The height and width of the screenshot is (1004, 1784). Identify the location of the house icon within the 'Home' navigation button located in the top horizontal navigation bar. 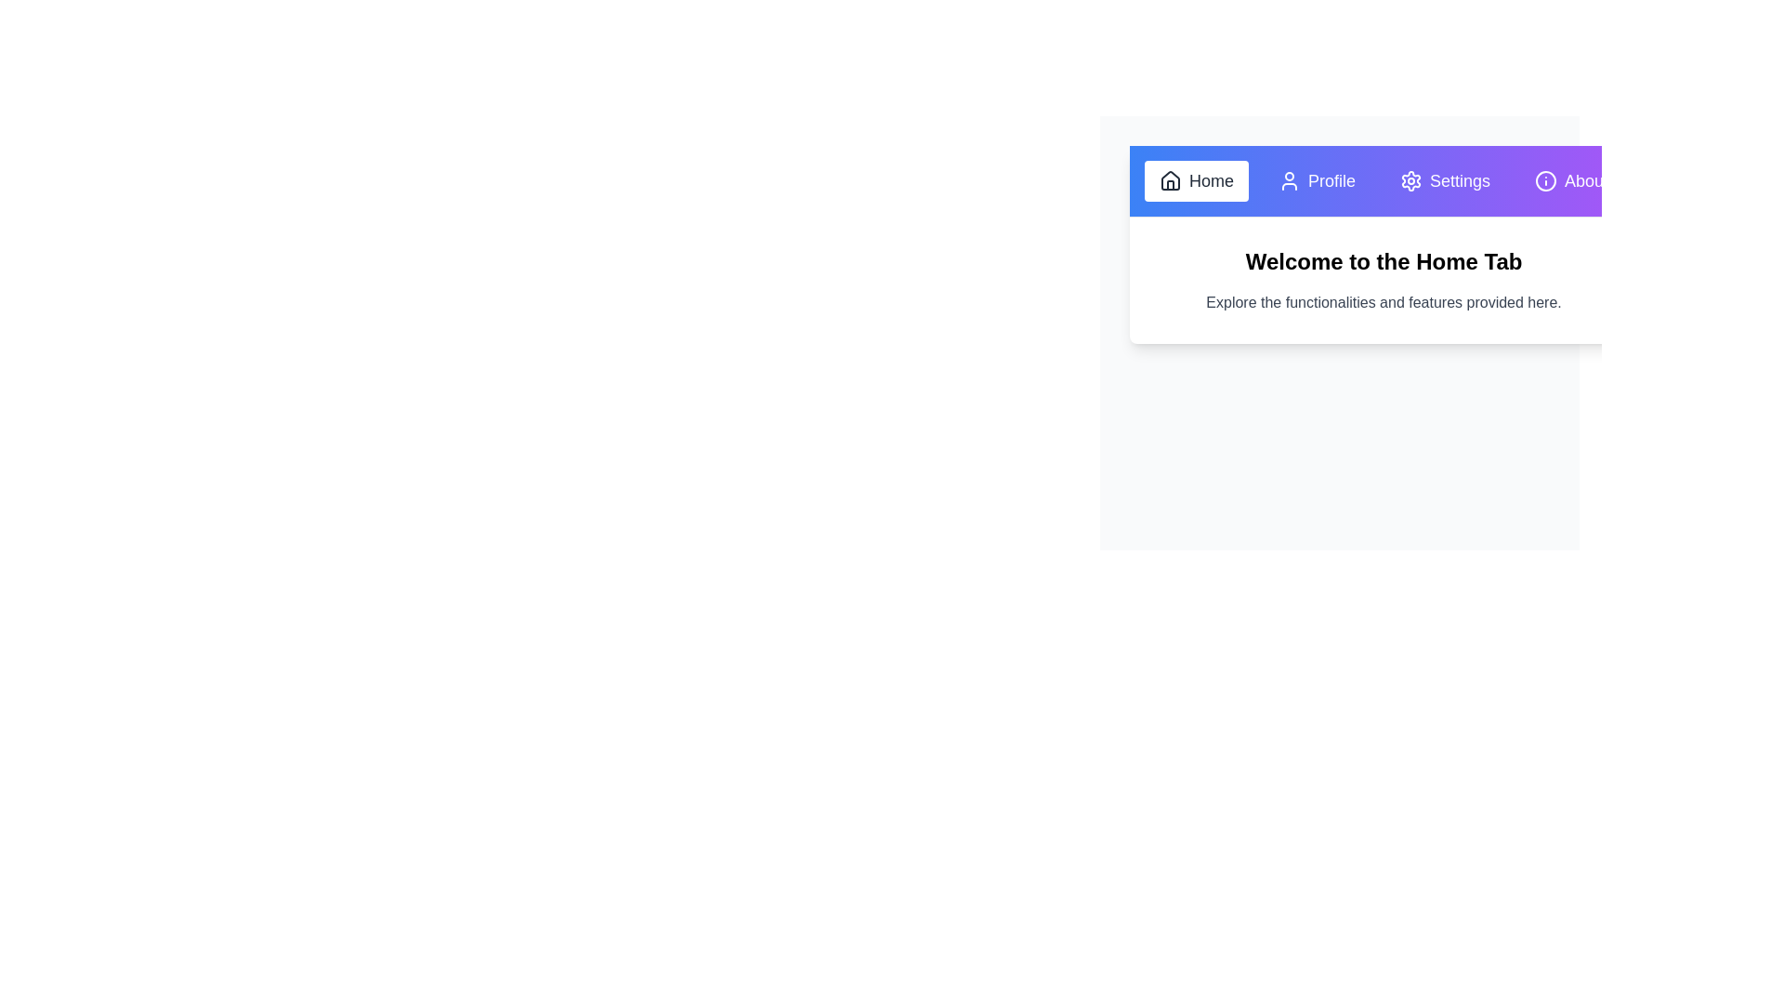
(1169, 179).